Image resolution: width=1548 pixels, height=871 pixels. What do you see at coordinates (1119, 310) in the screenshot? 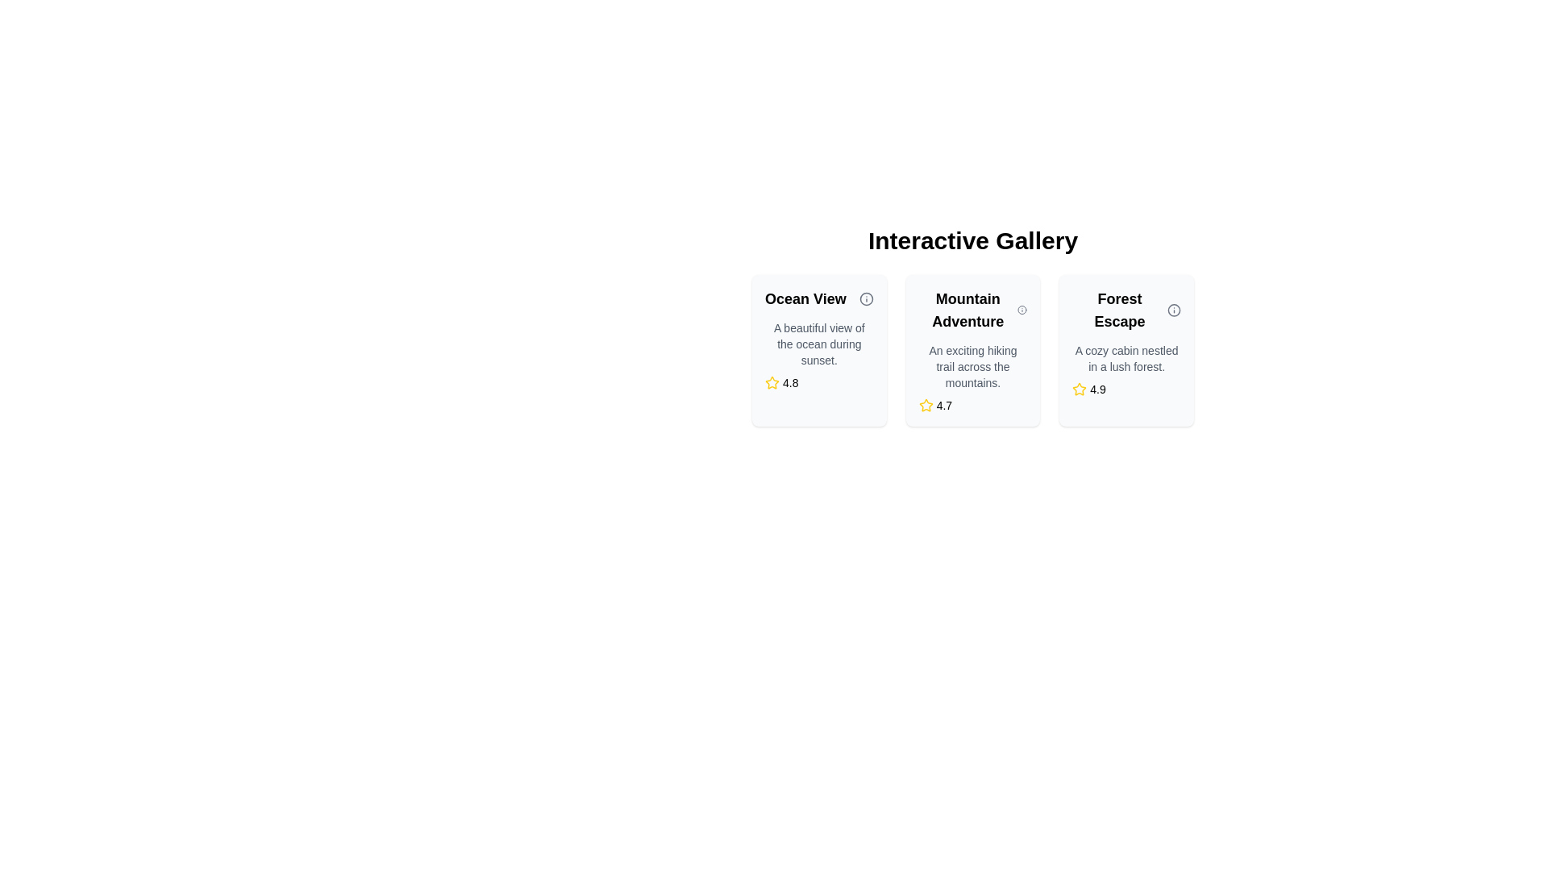
I see `the prominent text label 'Forest Escape' located at the center-top of the rightmost card in a set of three horizontally arranged cards` at bounding box center [1119, 310].